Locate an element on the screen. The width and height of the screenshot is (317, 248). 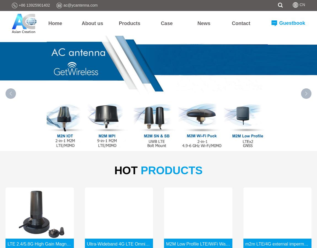
'Contact' is located at coordinates (241, 23).